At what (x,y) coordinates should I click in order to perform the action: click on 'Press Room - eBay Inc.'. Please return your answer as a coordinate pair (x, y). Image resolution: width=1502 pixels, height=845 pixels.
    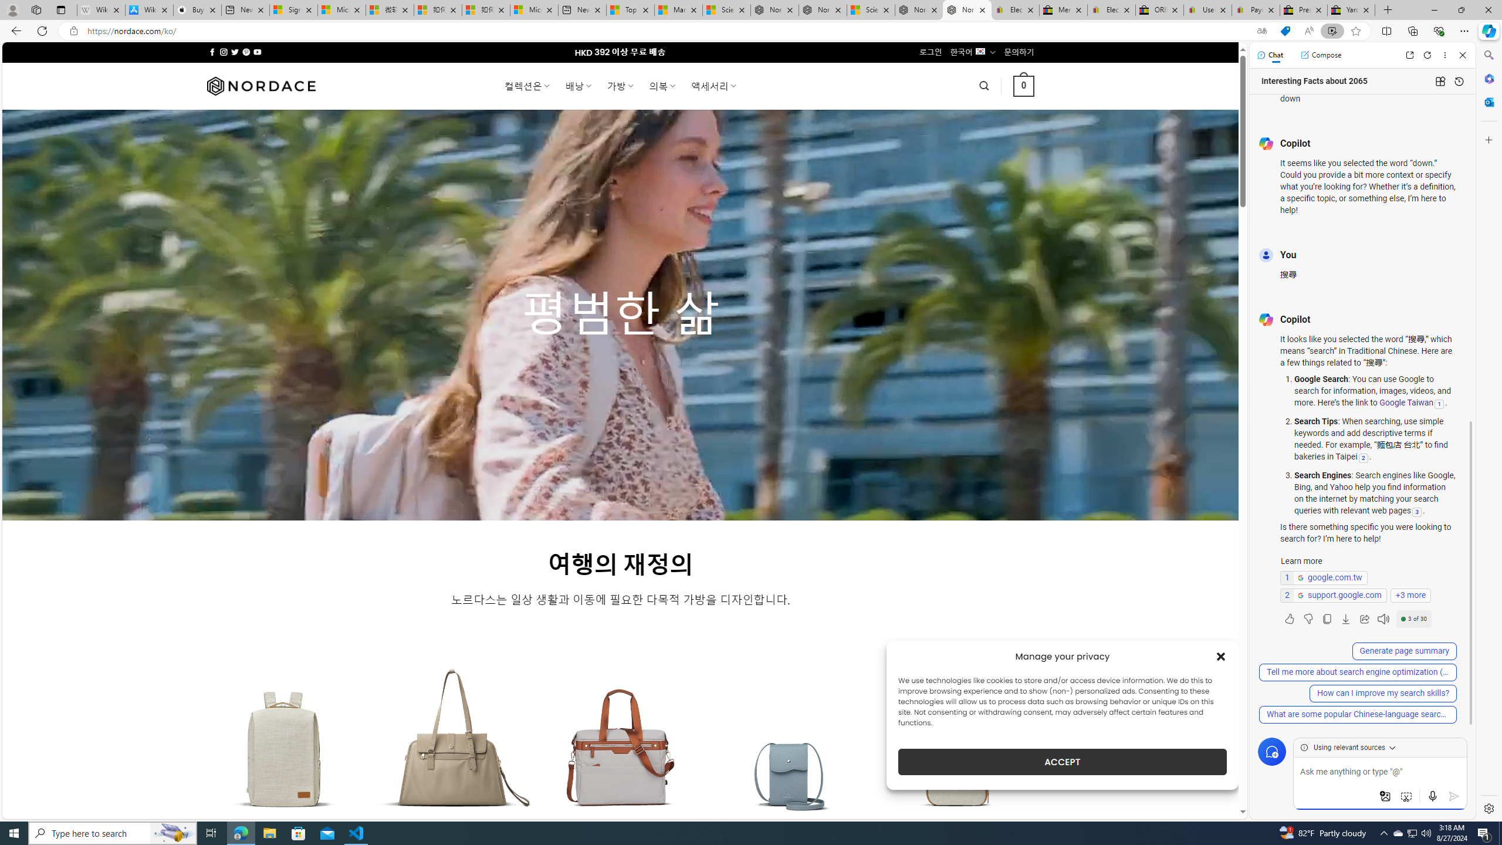
    Looking at the image, I should click on (1303, 9).